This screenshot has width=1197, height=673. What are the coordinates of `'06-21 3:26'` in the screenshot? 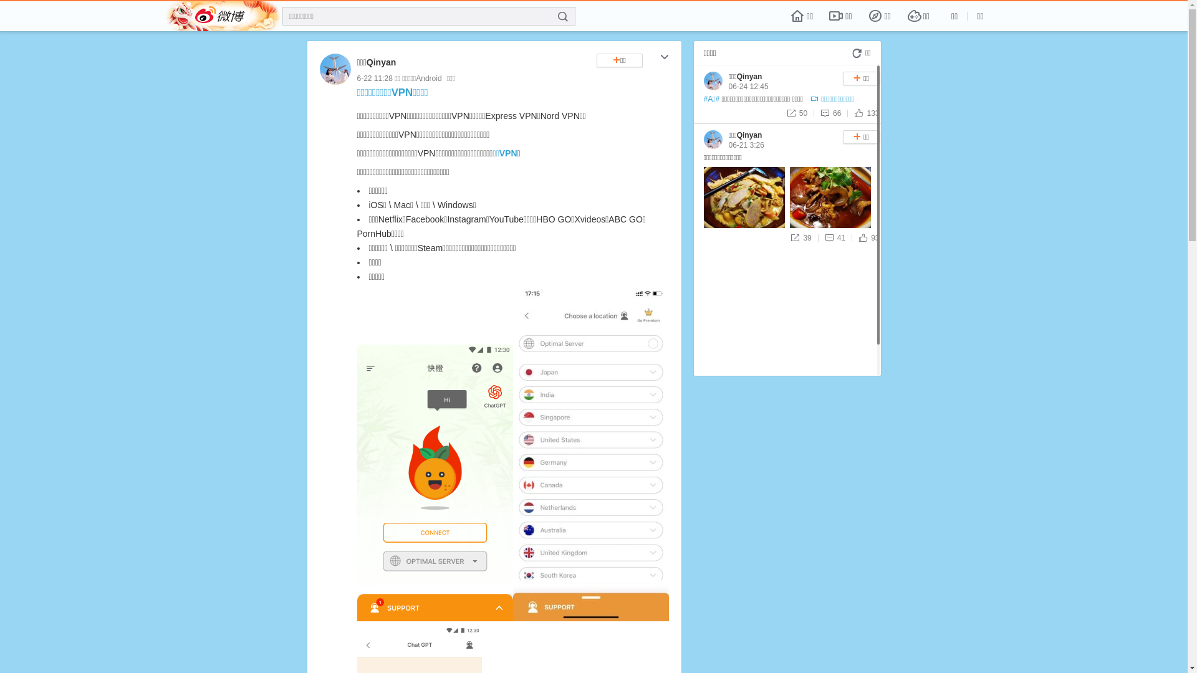 It's located at (746, 144).